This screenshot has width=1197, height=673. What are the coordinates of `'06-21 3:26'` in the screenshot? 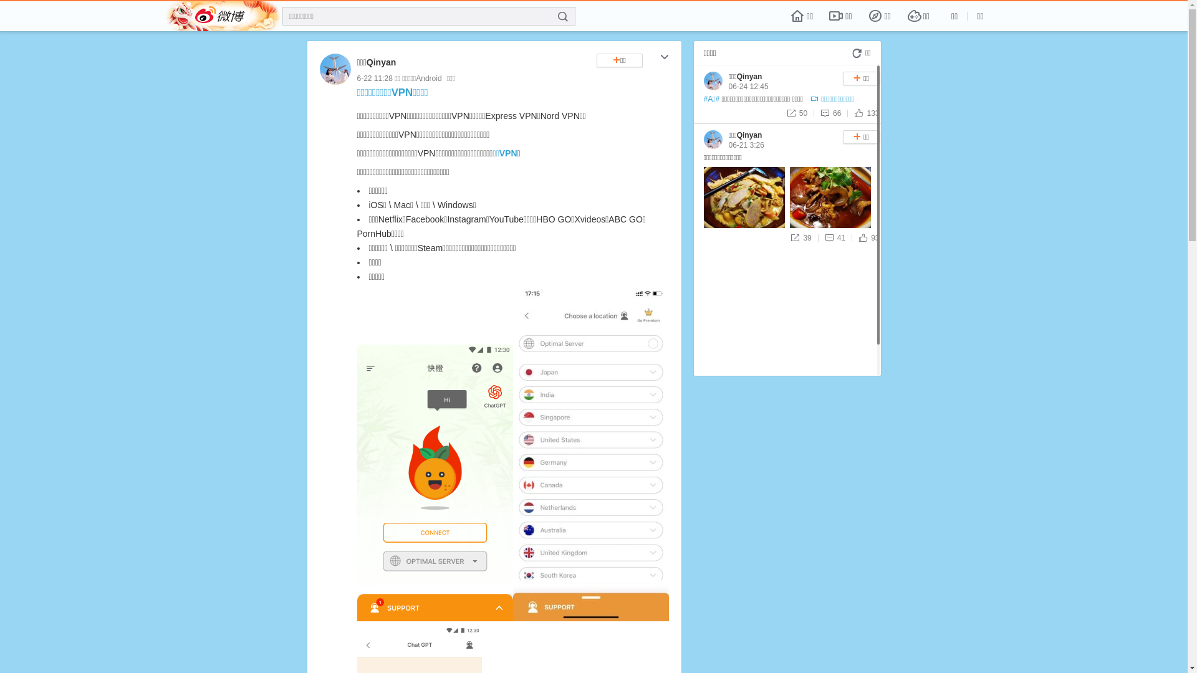 It's located at (746, 144).